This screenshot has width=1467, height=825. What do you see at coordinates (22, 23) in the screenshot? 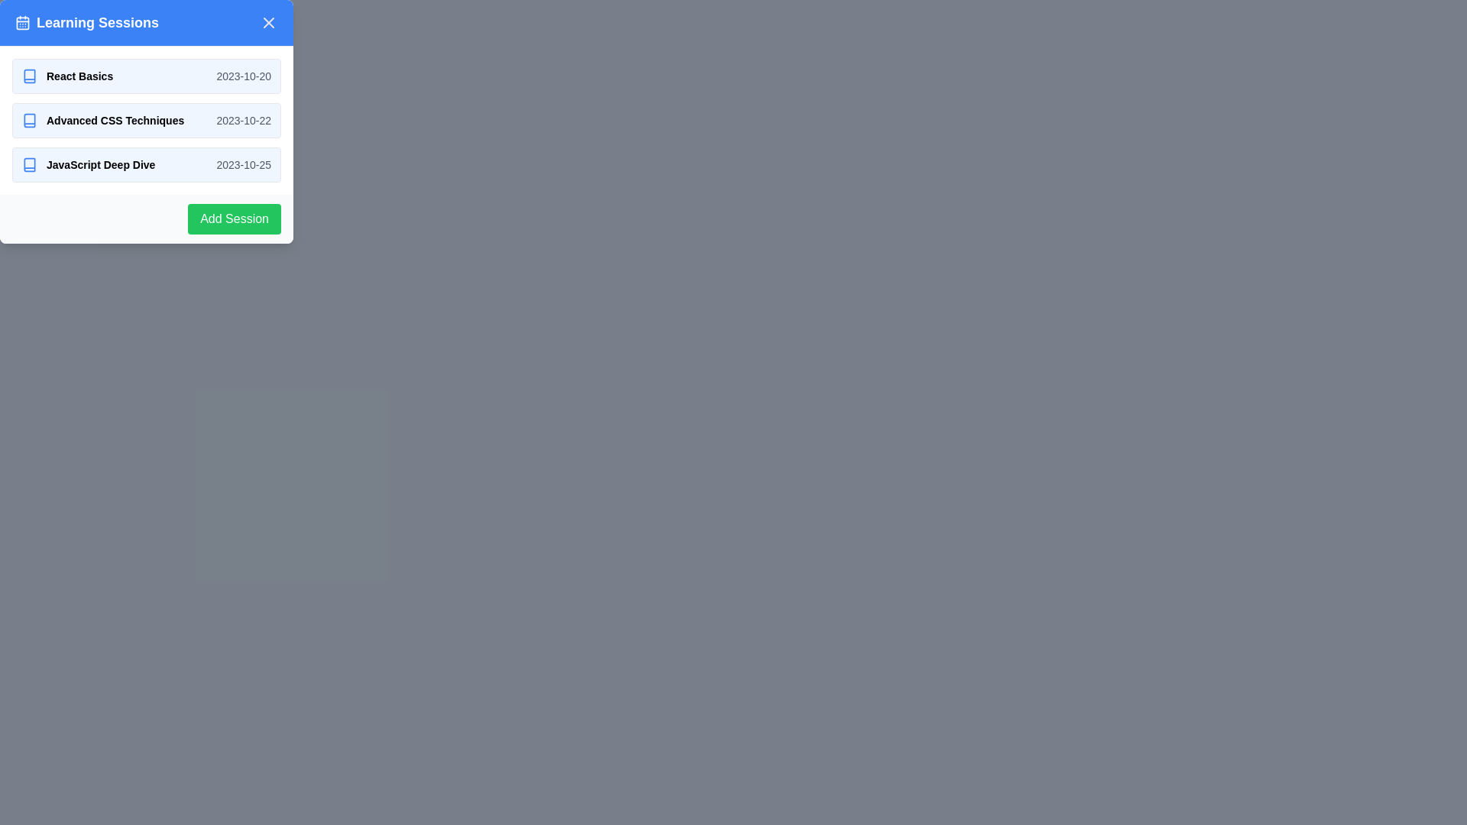
I see `the date cell graphical UI element located within the calendar icon` at bounding box center [22, 23].